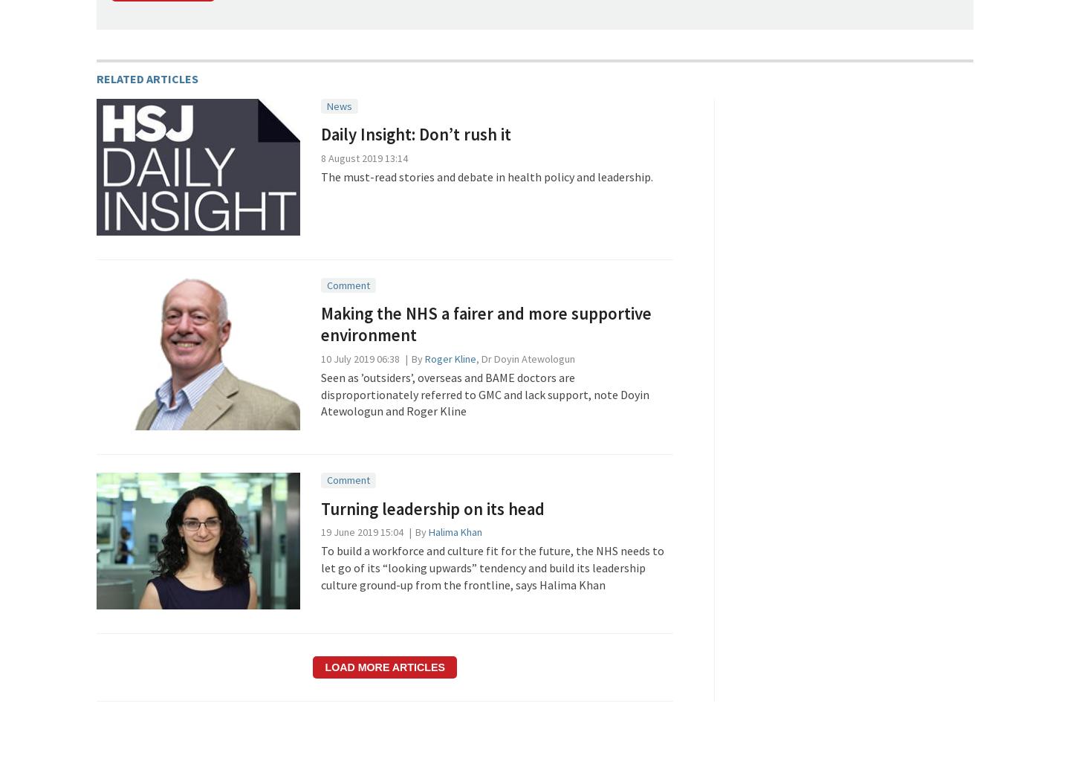 The width and height of the screenshot is (1070, 767). I want to click on 'Daily Insight: Don’t rush it', so click(415, 134).